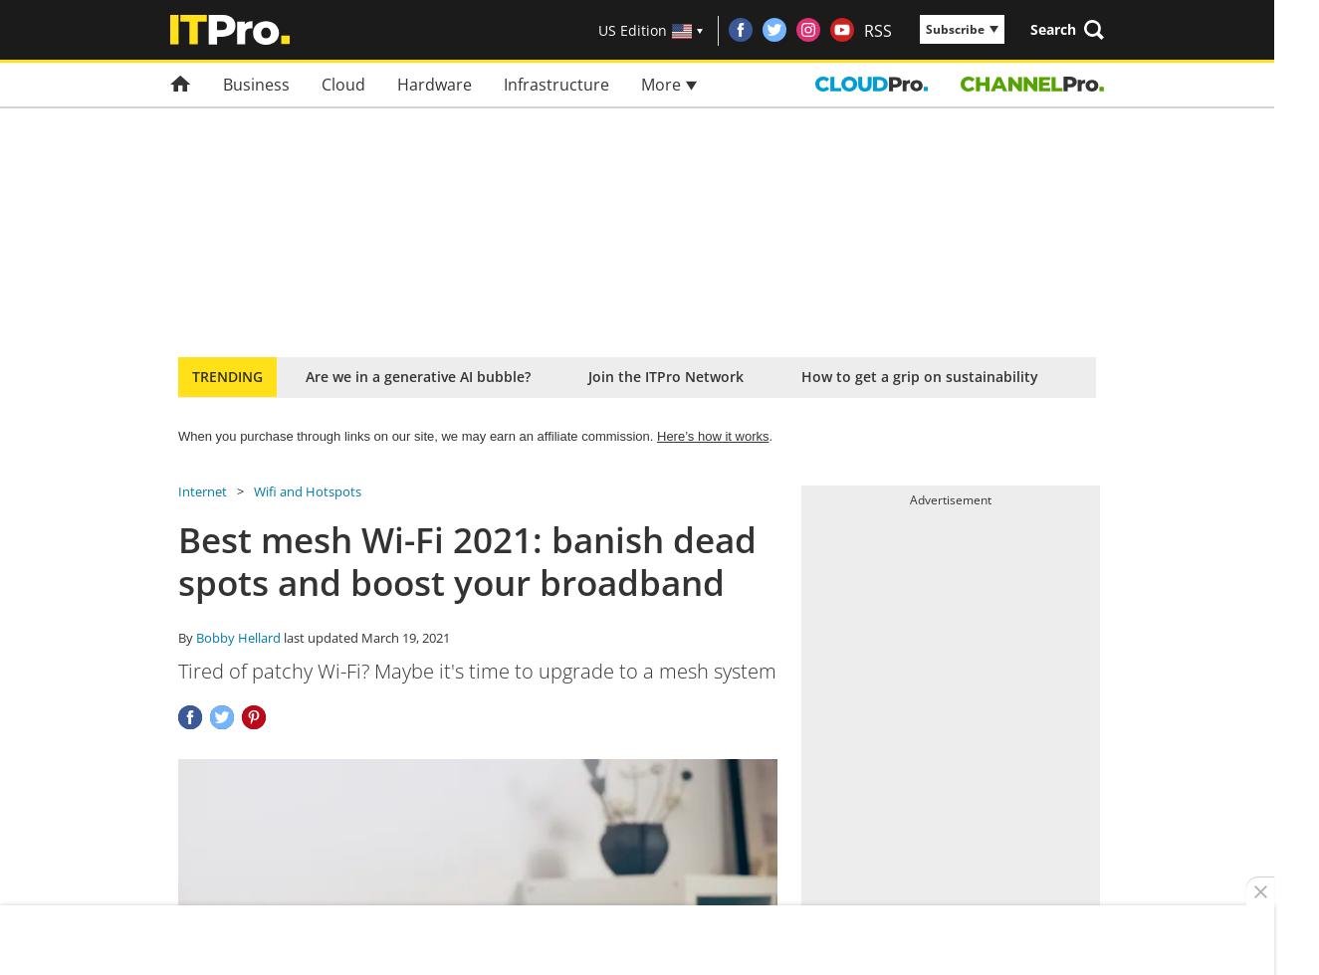 Image resolution: width=1319 pixels, height=975 pixels. I want to click on 'Wifi and Hotspots', so click(306, 491).